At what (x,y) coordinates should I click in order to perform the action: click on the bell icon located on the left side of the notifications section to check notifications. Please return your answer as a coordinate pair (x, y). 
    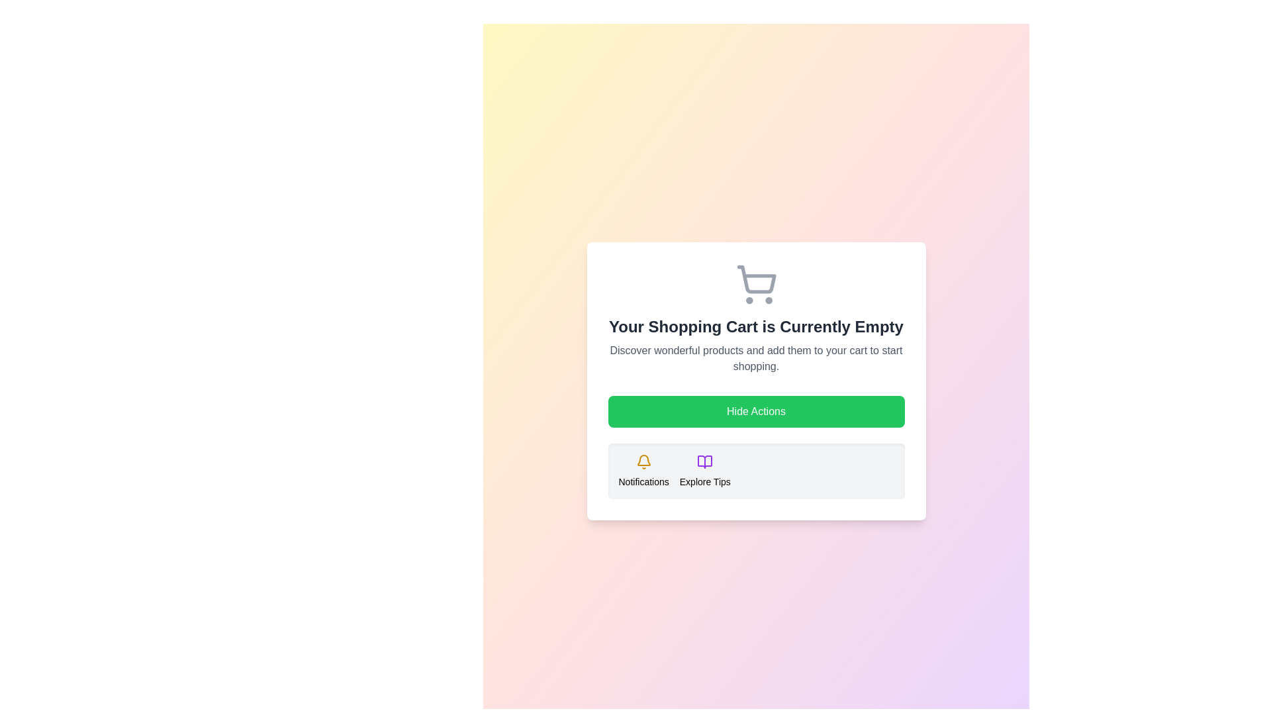
    Looking at the image, I should click on (643, 461).